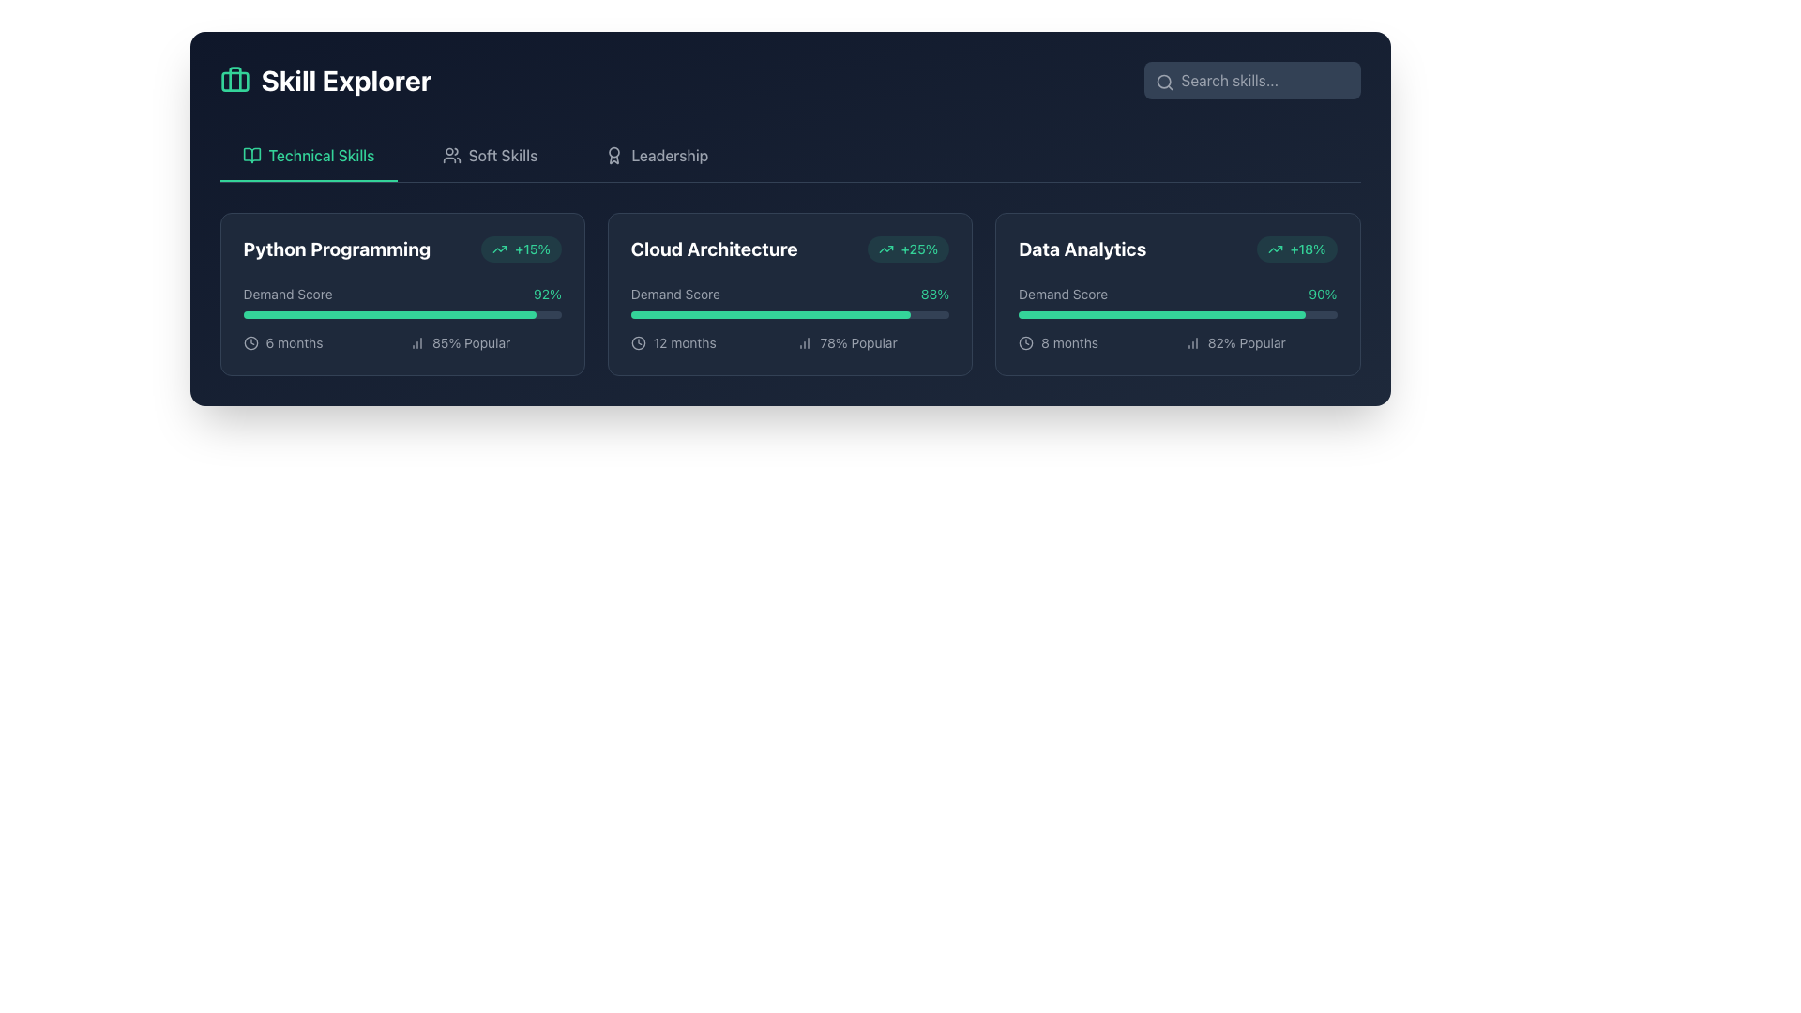 This screenshot has width=1801, height=1013. What do you see at coordinates (1247, 343) in the screenshot?
I see `the popularity metric text label indicating 82% for the 'Data Analytics' course, located in the bottom-right section of the 'Data Analytics' card` at bounding box center [1247, 343].